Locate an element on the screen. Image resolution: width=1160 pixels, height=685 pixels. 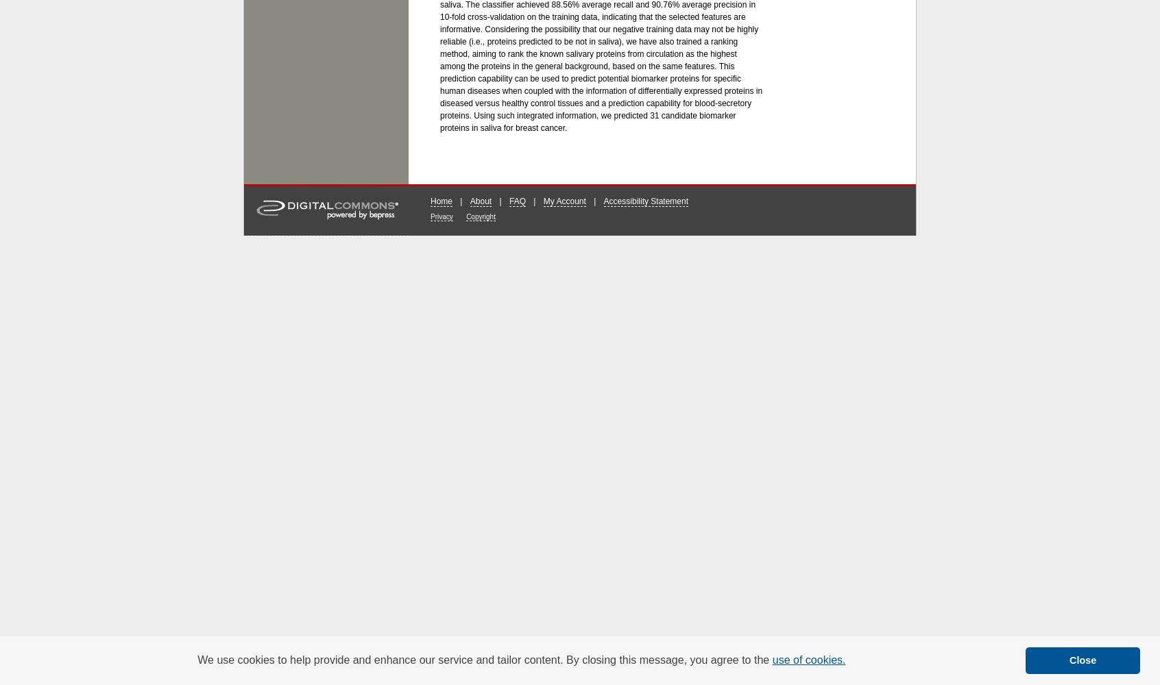
'Privacy' is located at coordinates (430, 215).